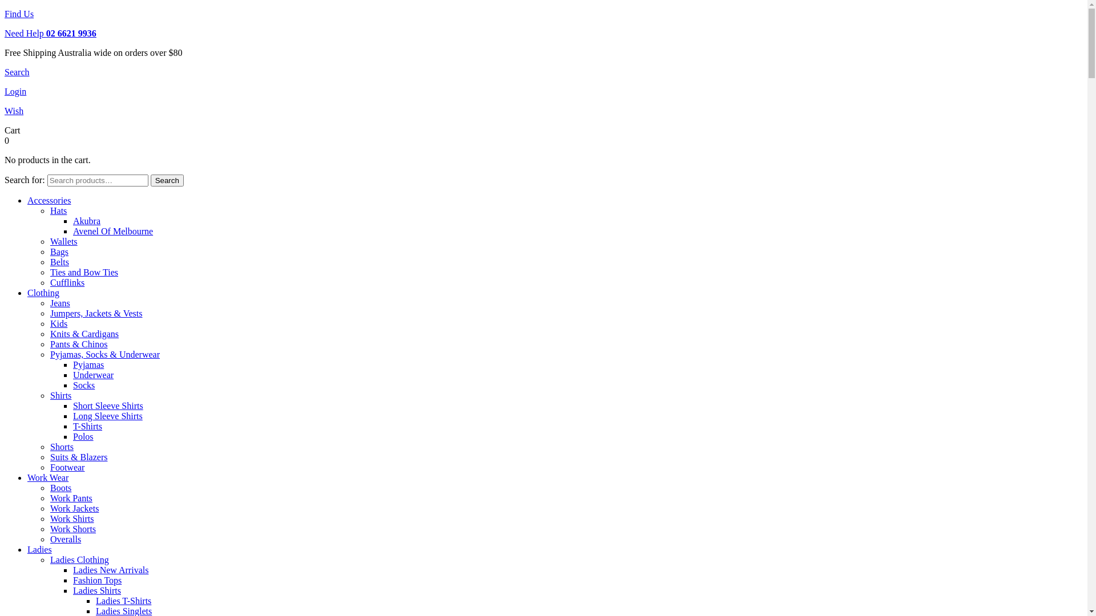  What do you see at coordinates (97, 580) in the screenshot?
I see `'Fashion Tops'` at bounding box center [97, 580].